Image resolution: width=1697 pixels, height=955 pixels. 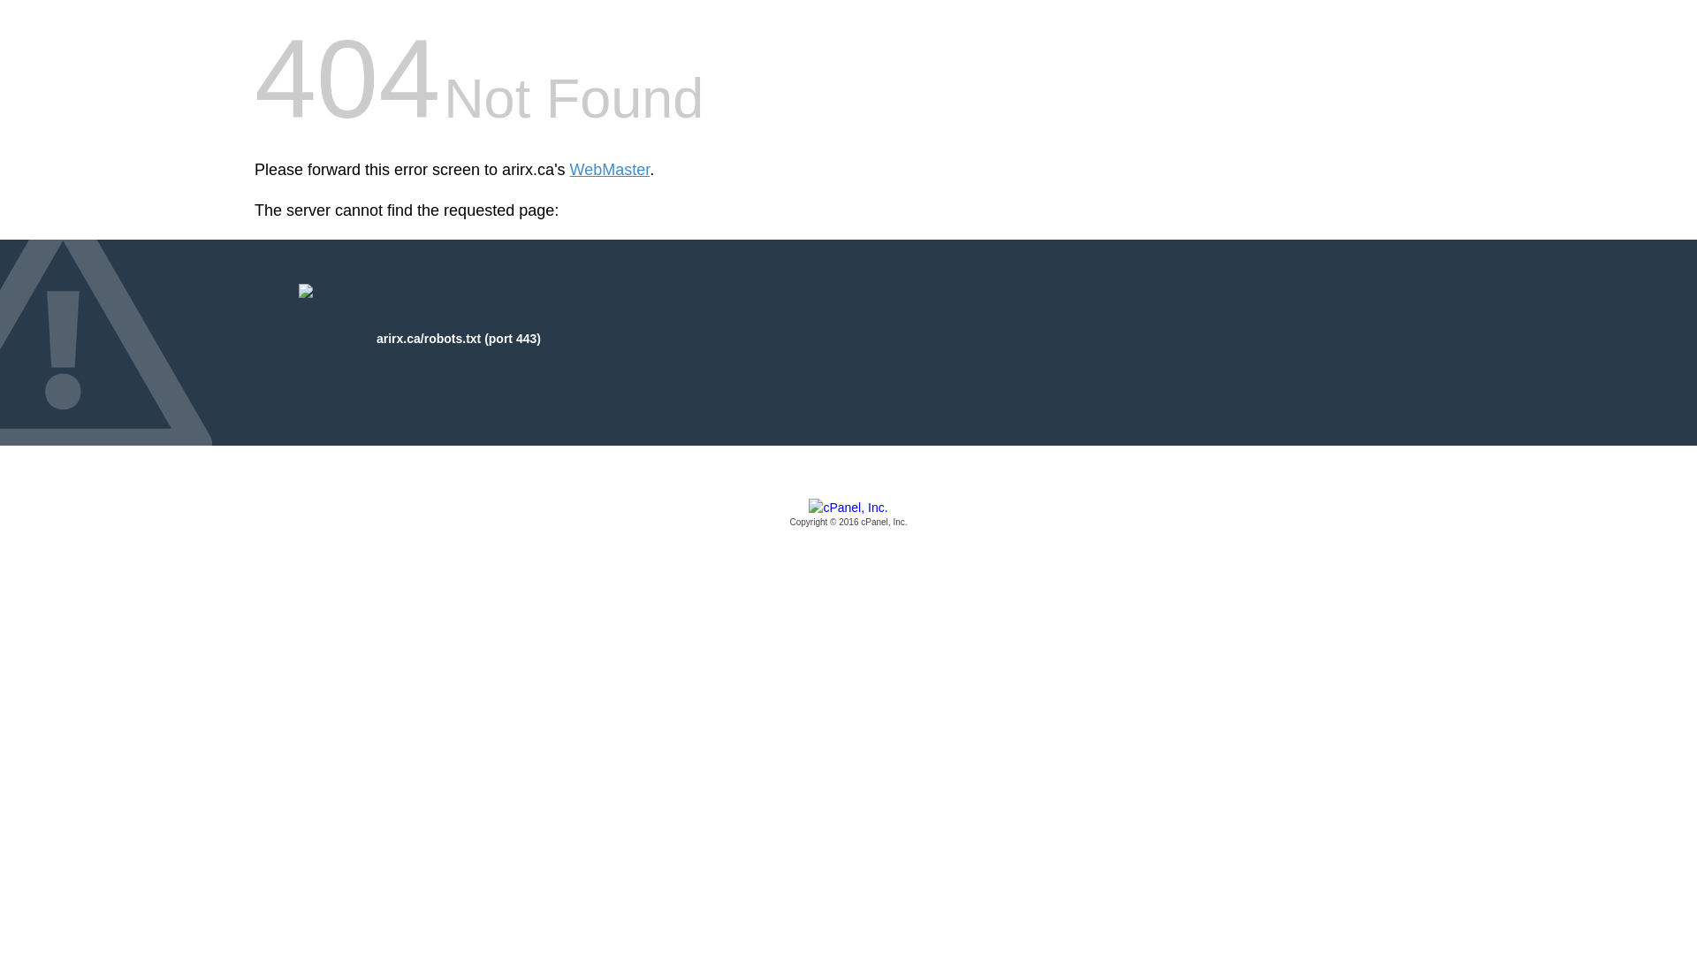 I want to click on 'WebMaster', so click(x=610, y=170).